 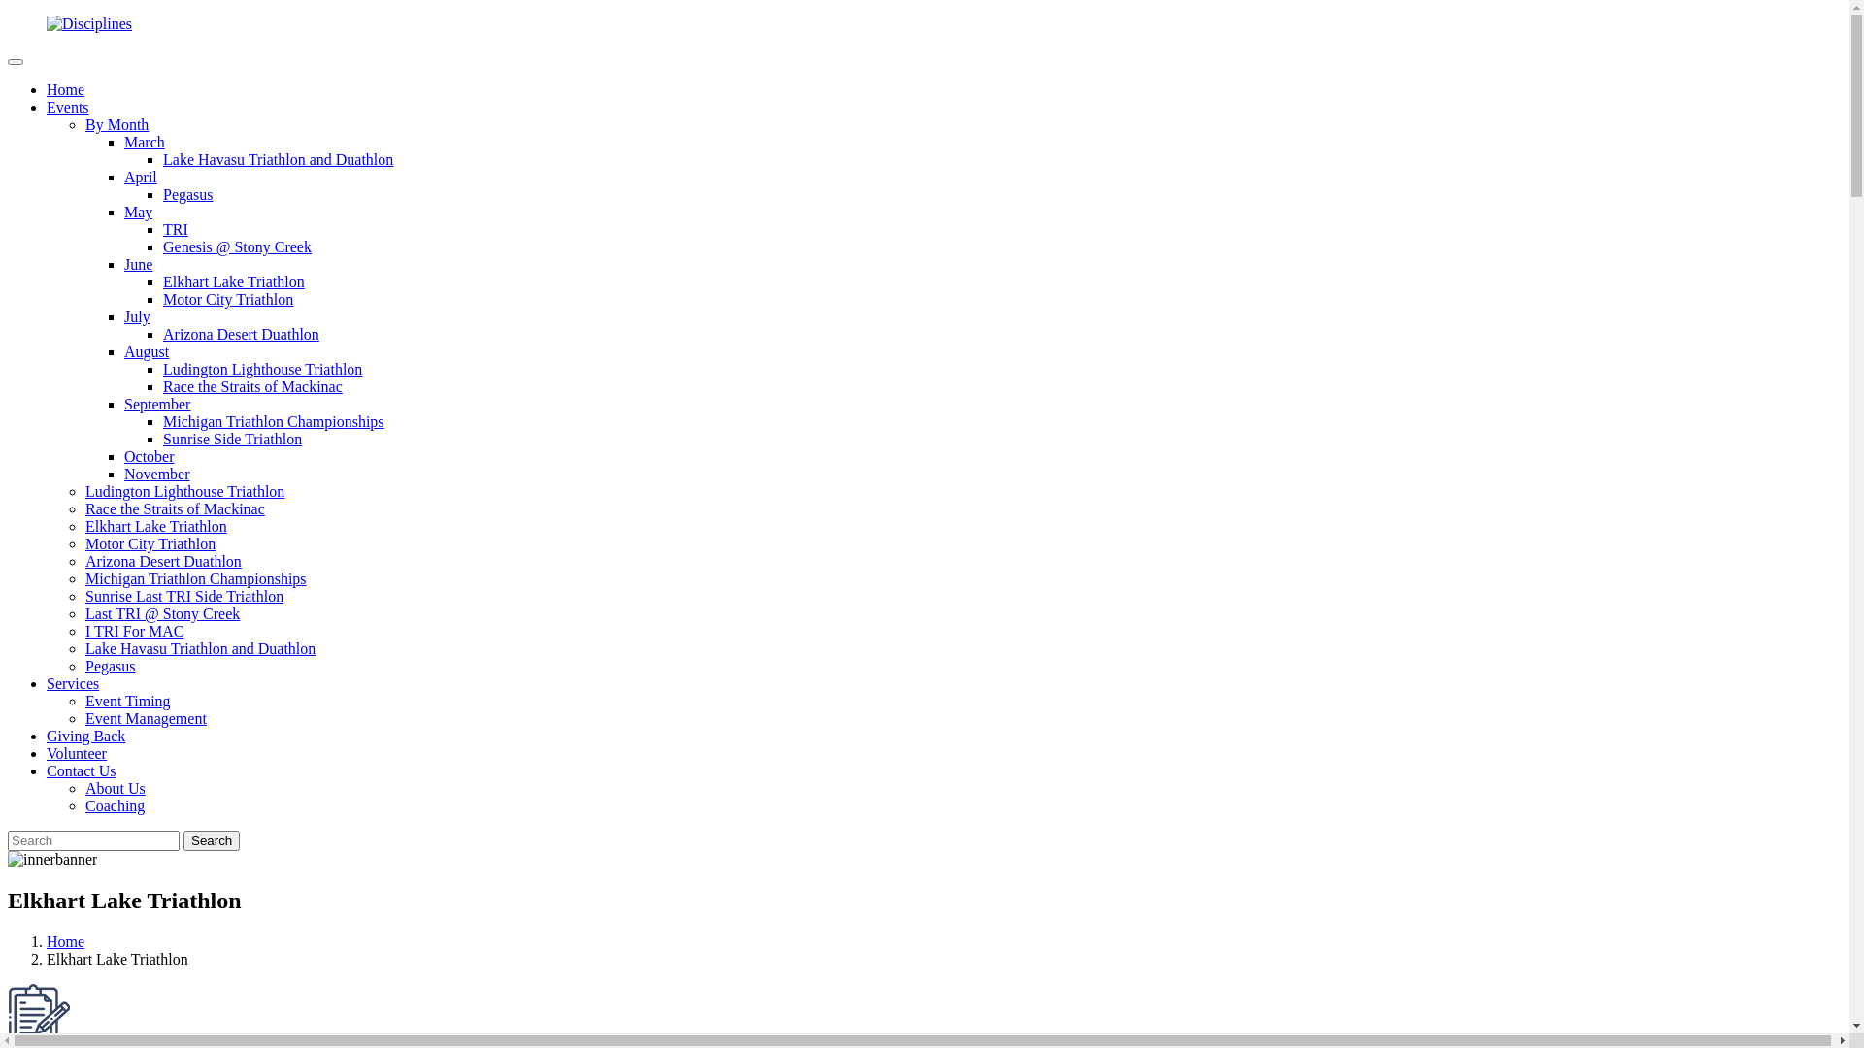 What do you see at coordinates (162, 613) in the screenshot?
I see `'Last TRI @ Stony Creek'` at bounding box center [162, 613].